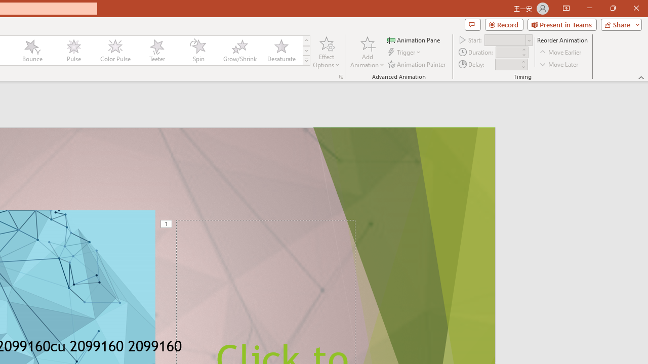 The height and width of the screenshot is (364, 648). What do you see at coordinates (198, 51) in the screenshot?
I see `'Spin'` at bounding box center [198, 51].